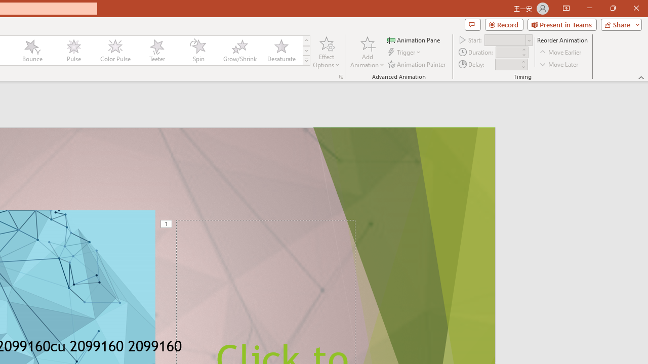 The height and width of the screenshot is (364, 648). What do you see at coordinates (198, 51) in the screenshot?
I see `'Spin'` at bounding box center [198, 51].